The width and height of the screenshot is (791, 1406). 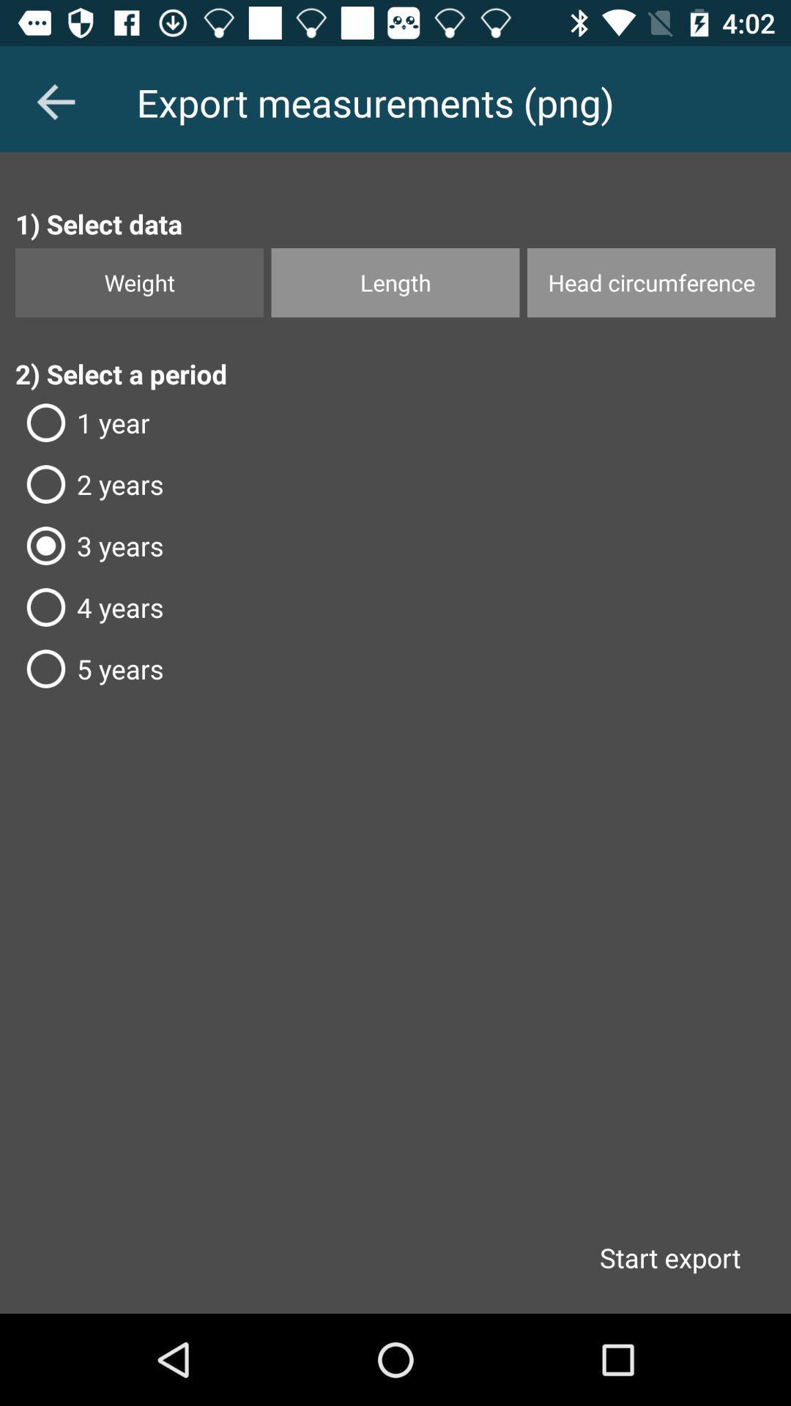 What do you see at coordinates (395, 283) in the screenshot?
I see `item next to the head circumference icon` at bounding box center [395, 283].